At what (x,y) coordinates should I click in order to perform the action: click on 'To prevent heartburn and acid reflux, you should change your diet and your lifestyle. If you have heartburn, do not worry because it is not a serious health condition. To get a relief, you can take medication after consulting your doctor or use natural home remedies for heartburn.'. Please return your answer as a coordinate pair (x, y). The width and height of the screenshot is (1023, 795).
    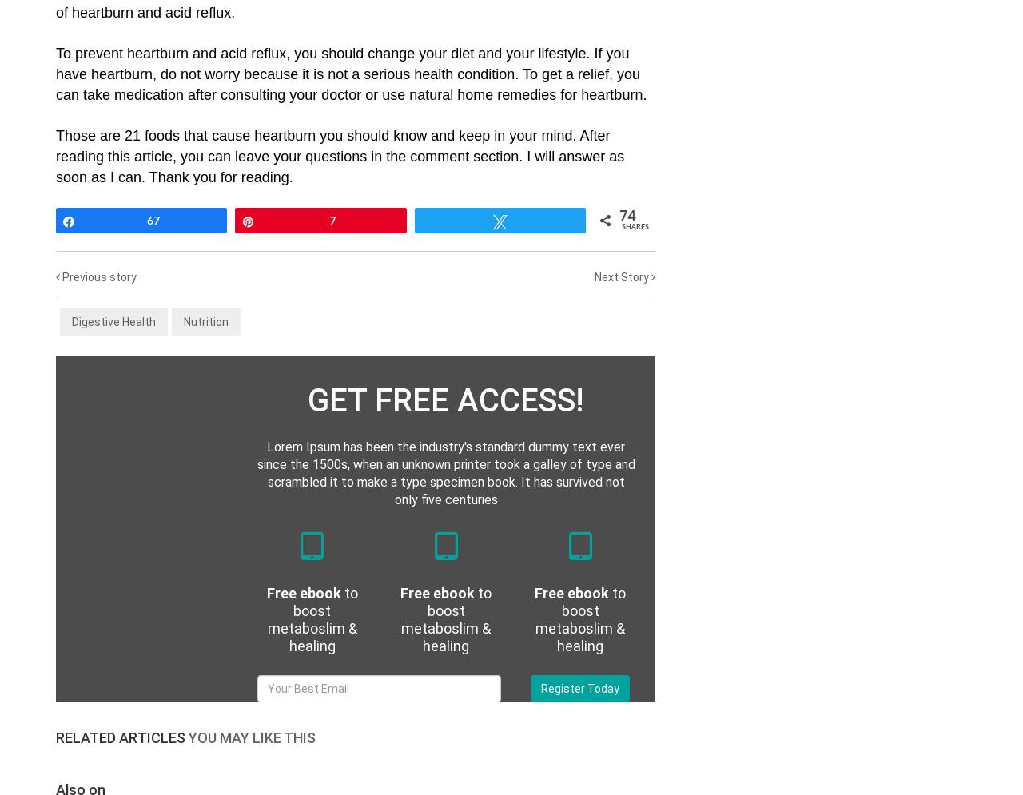
    Looking at the image, I should click on (56, 74).